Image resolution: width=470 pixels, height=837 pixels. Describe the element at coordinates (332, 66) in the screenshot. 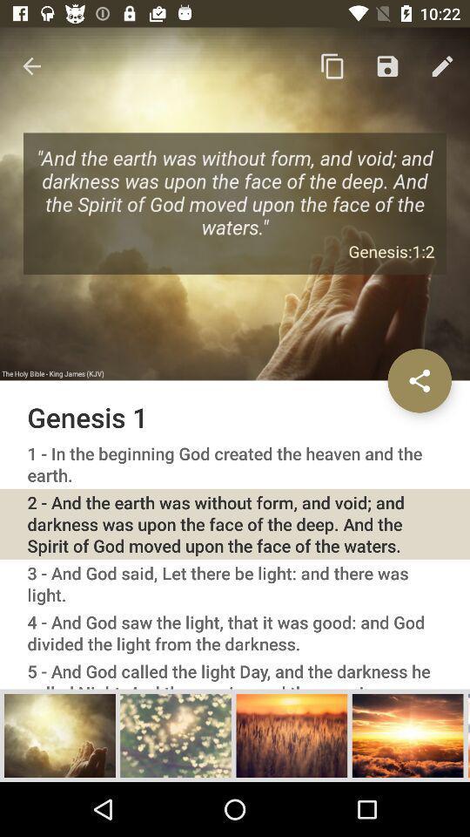

I see `the icon above genesis 1 icon` at that location.